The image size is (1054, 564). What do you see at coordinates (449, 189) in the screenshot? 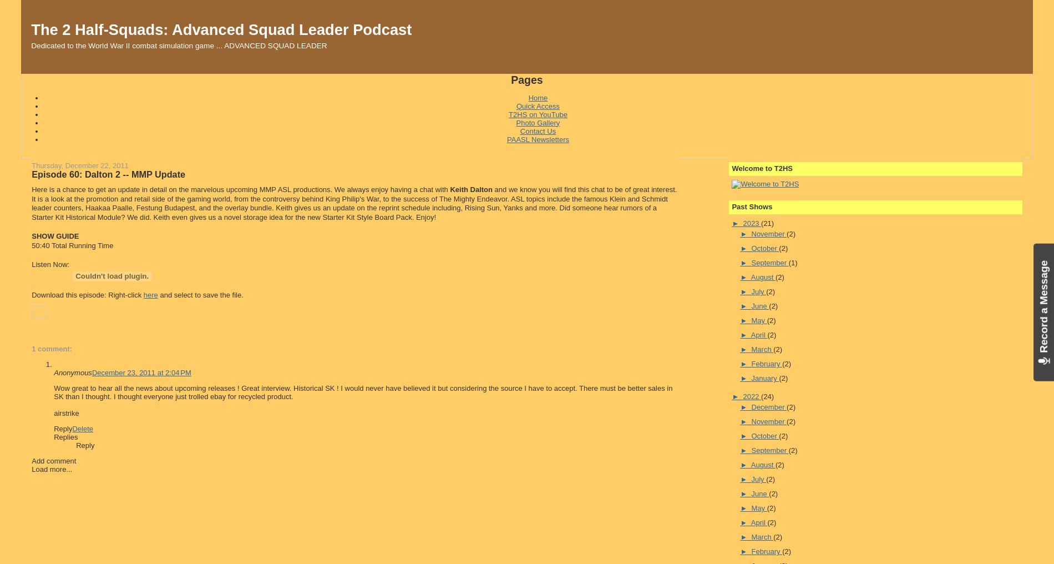
I see `'Keith Dalton'` at bounding box center [449, 189].